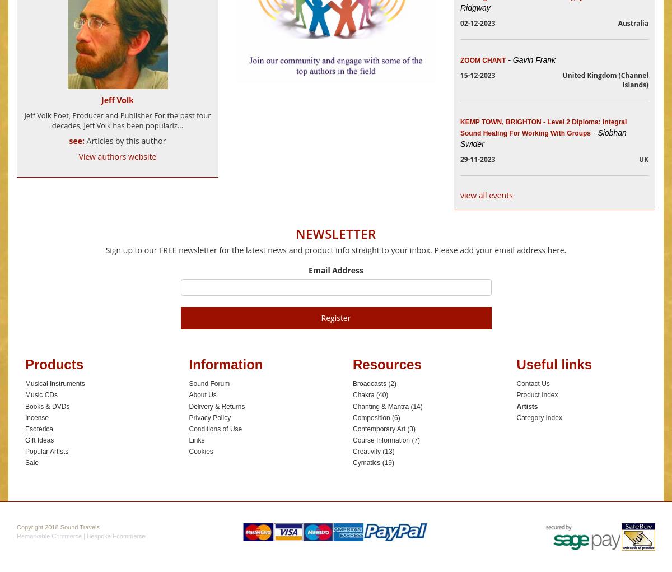 The width and height of the screenshot is (672, 572). I want to click on 'Newsletter', so click(335, 232).